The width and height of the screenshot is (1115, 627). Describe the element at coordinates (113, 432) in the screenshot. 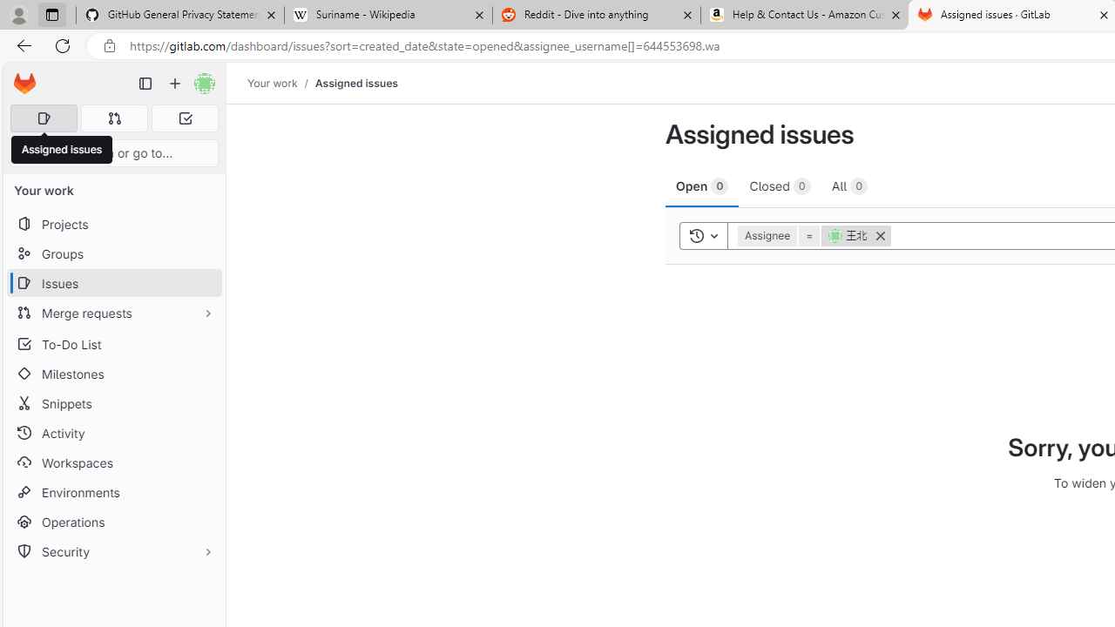

I see `'Activity'` at that location.